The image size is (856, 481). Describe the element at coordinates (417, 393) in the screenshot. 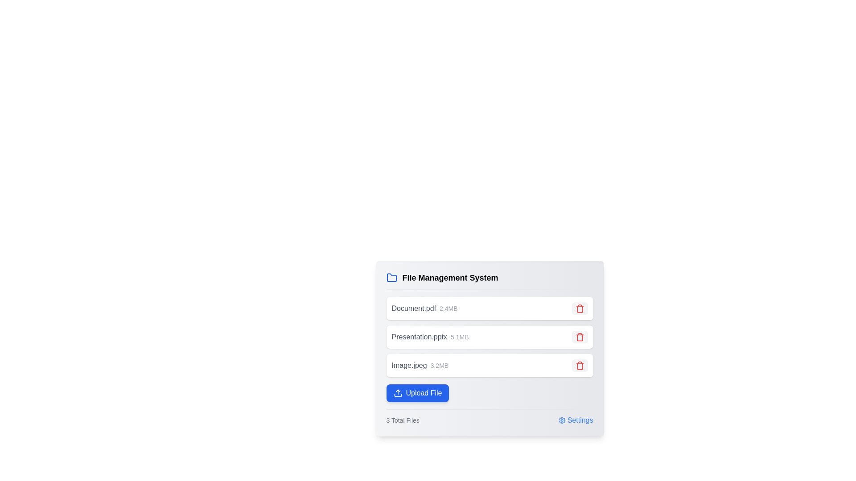

I see `the blue 'Upload File' button with rounded corners and an upload icon to initiate the file upload process` at that location.